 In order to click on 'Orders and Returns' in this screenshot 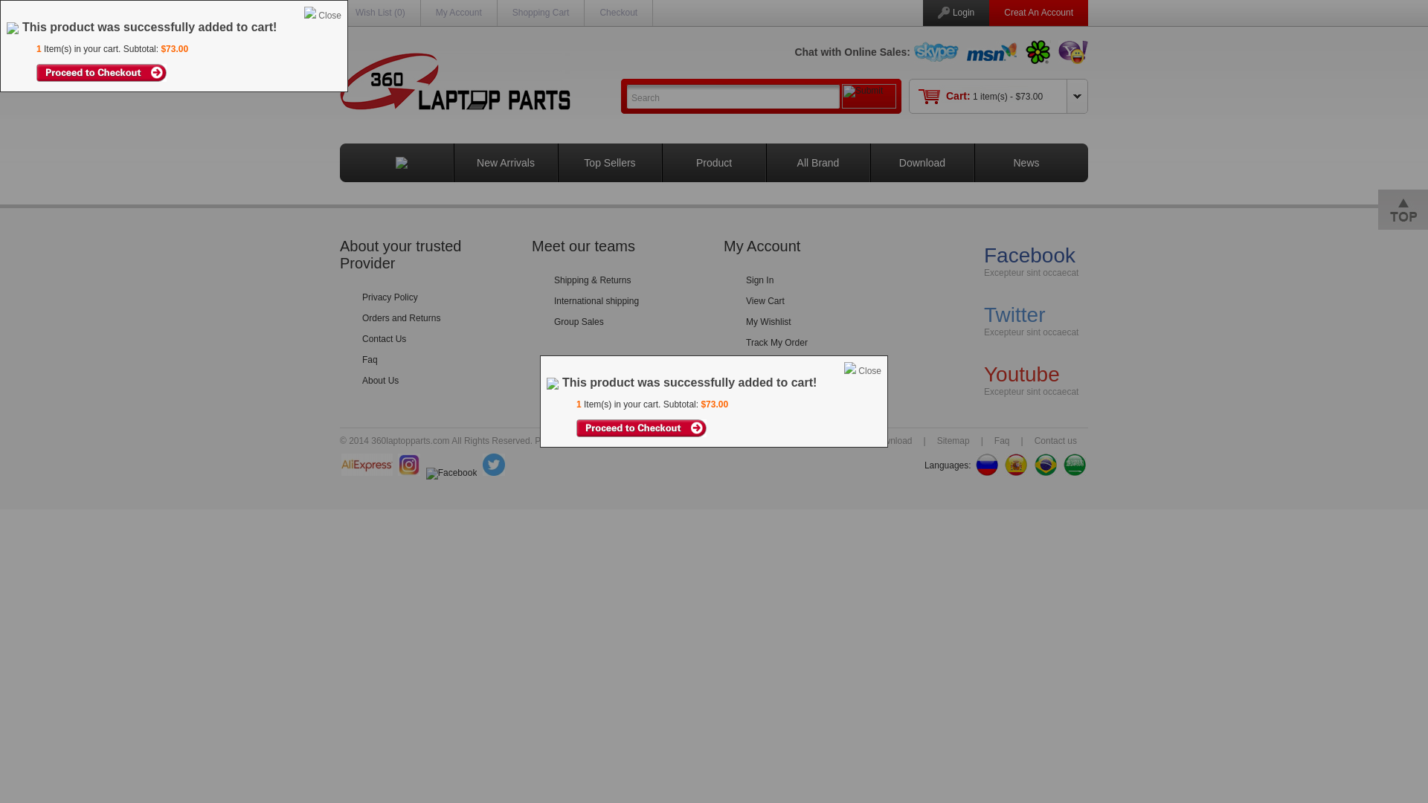, I will do `click(401, 317)`.